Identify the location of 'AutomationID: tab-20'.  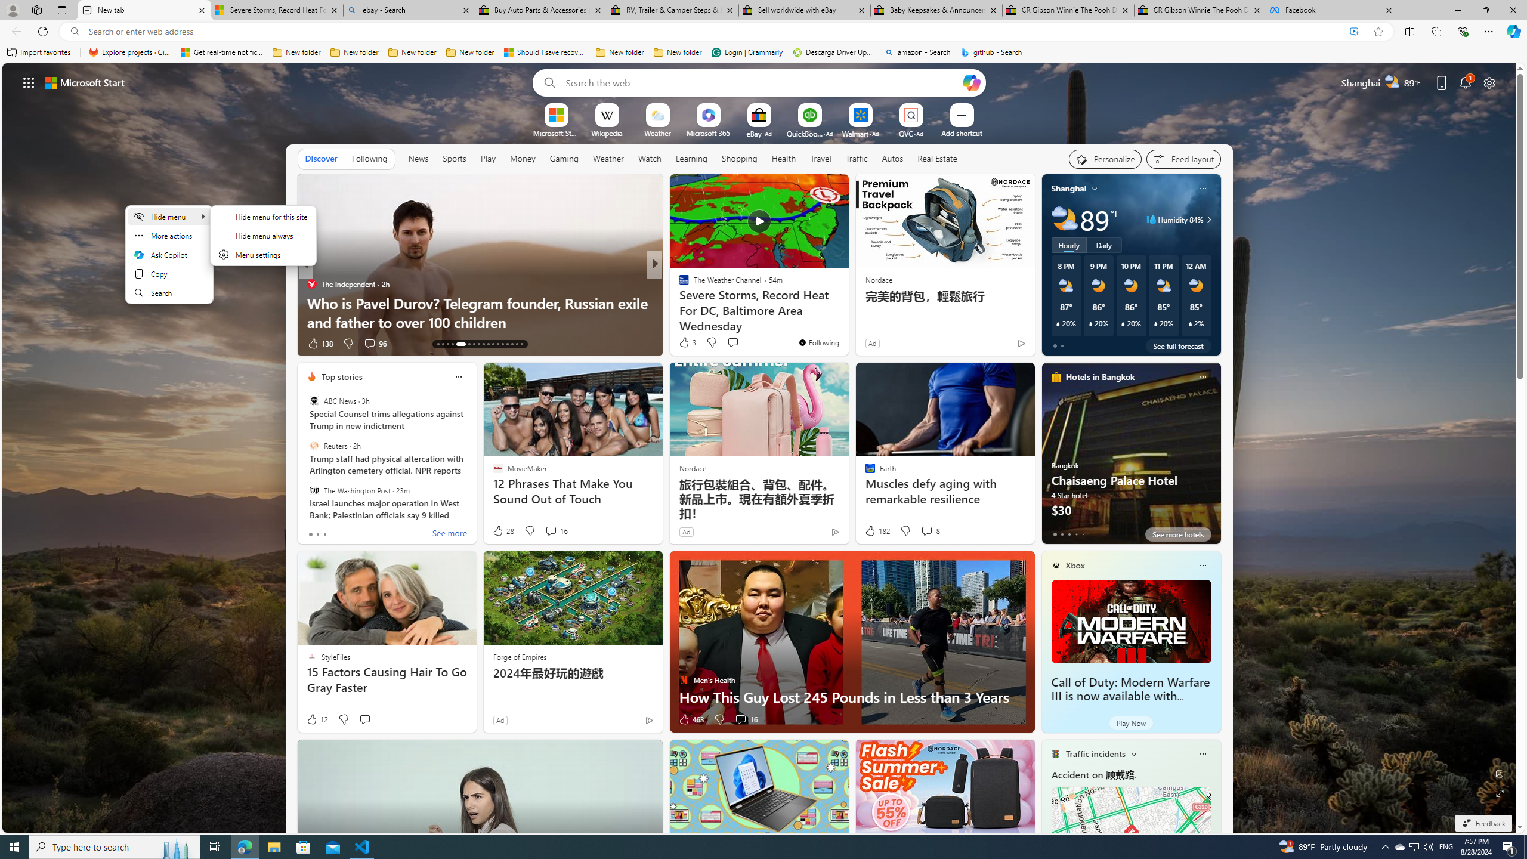
(478, 344).